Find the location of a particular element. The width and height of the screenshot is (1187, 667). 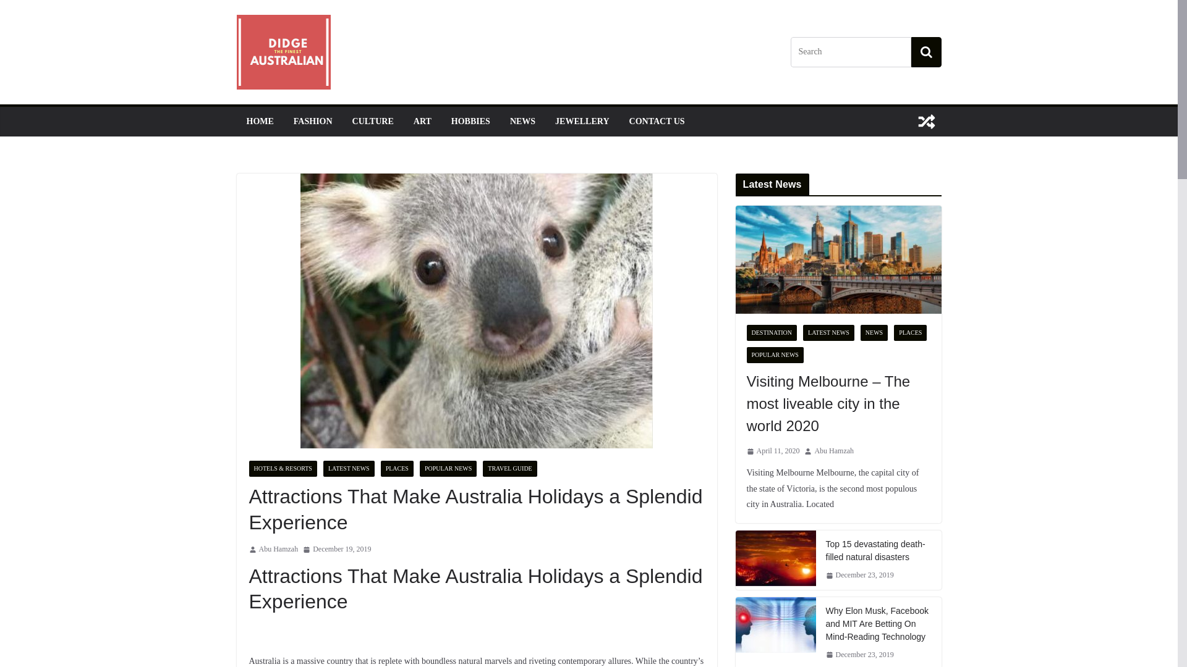

'Abu Hamzah' is located at coordinates (278, 549).